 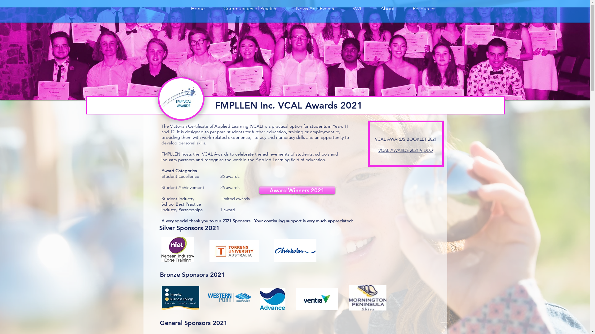 What do you see at coordinates (287, 8) in the screenshot?
I see `'News And Events'` at bounding box center [287, 8].